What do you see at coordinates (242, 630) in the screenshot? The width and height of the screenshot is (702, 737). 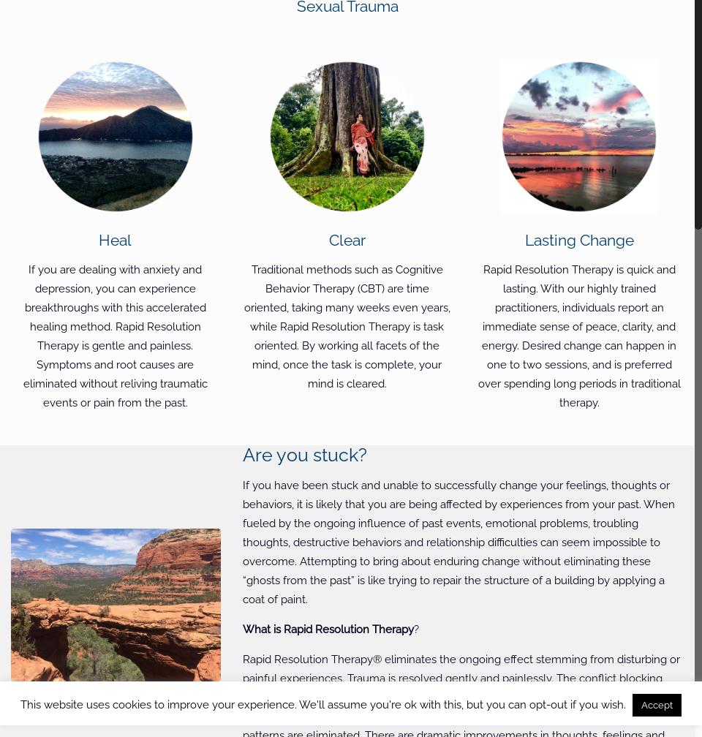 I see `'What is Rapid Resolution Therapy'` at bounding box center [242, 630].